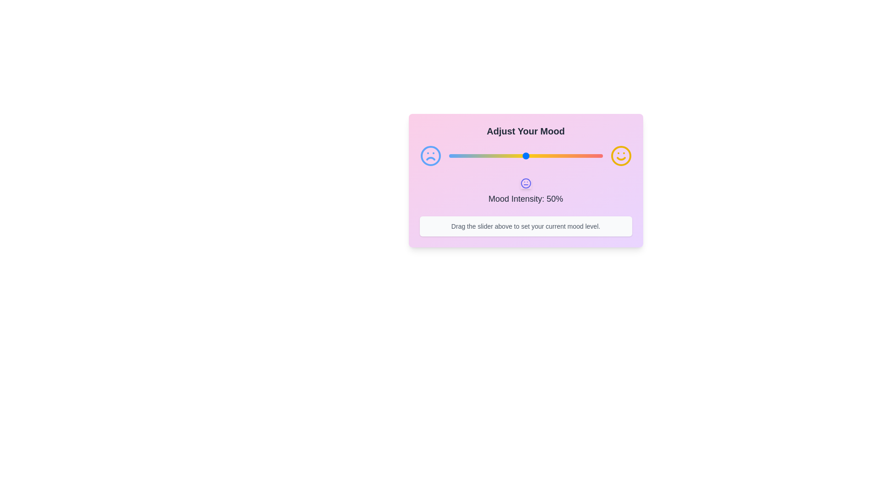 Image resolution: width=879 pixels, height=494 pixels. What do you see at coordinates (548, 155) in the screenshot?
I see `the mood intensity to 65% by dragging the slider` at bounding box center [548, 155].